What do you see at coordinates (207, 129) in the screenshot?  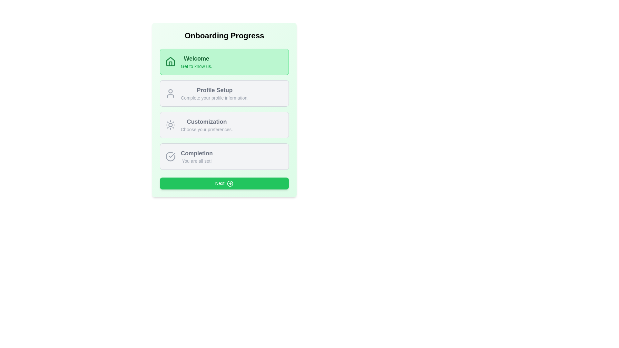 I see `the informational label located beneath the 'Customization' title in the third step of the onboarding progress interface` at bounding box center [207, 129].